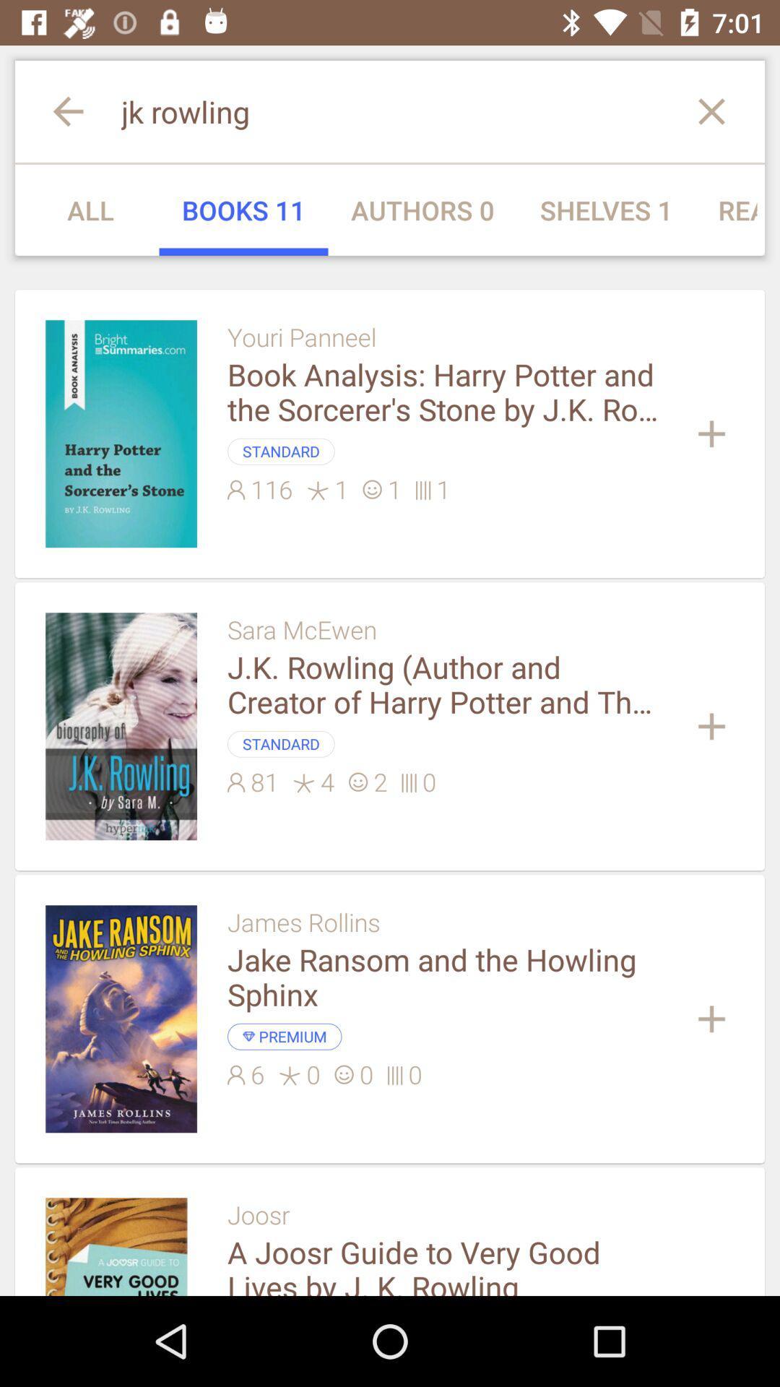  I want to click on the arrow_backward icon, so click(52, 111).